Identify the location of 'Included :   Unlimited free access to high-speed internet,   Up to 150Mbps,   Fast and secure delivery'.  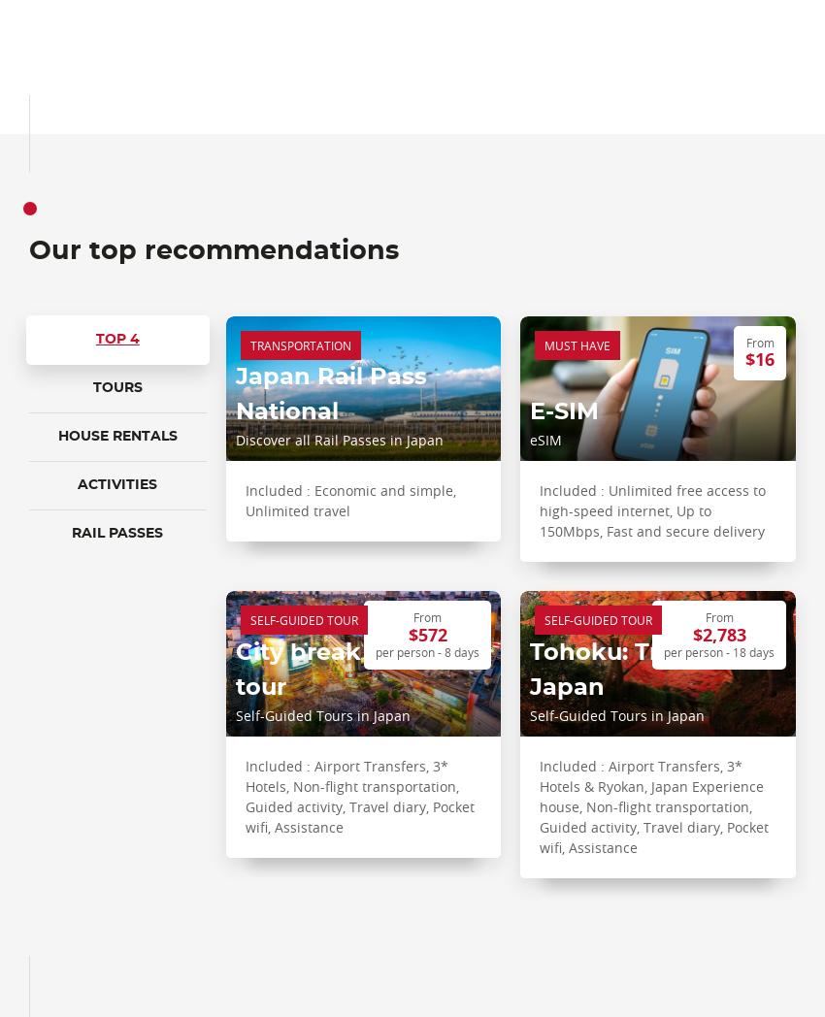
(652, 509).